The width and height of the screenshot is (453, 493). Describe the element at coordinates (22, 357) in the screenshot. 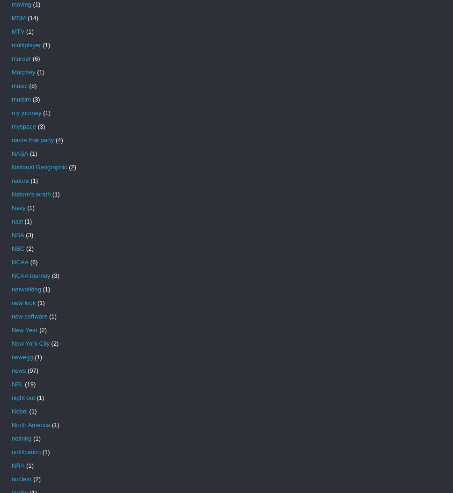

I see `'newegg'` at that location.